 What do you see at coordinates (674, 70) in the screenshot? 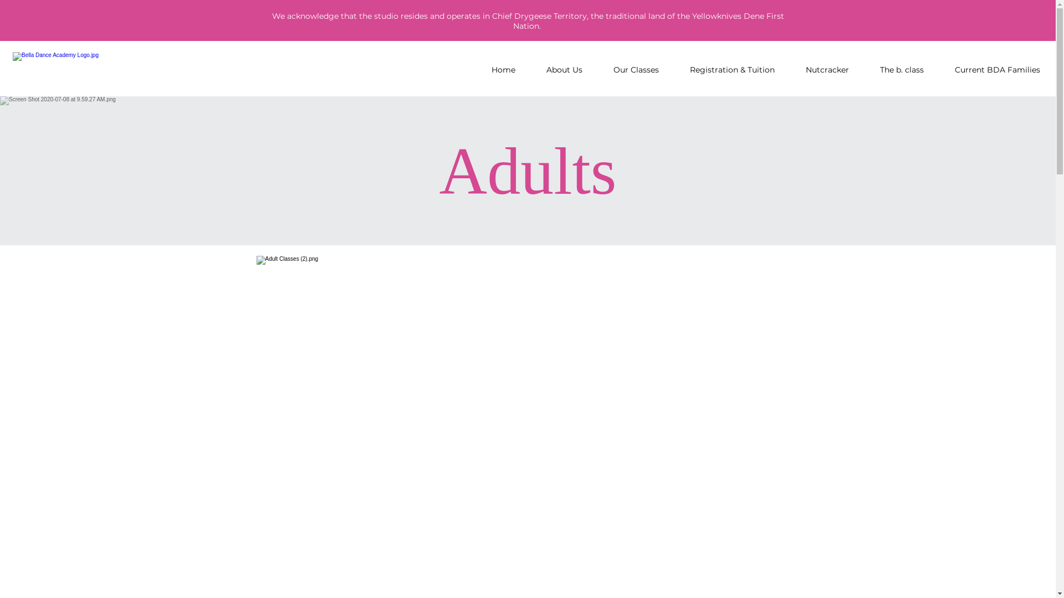
I see `'Registration & Tuition'` at bounding box center [674, 70].